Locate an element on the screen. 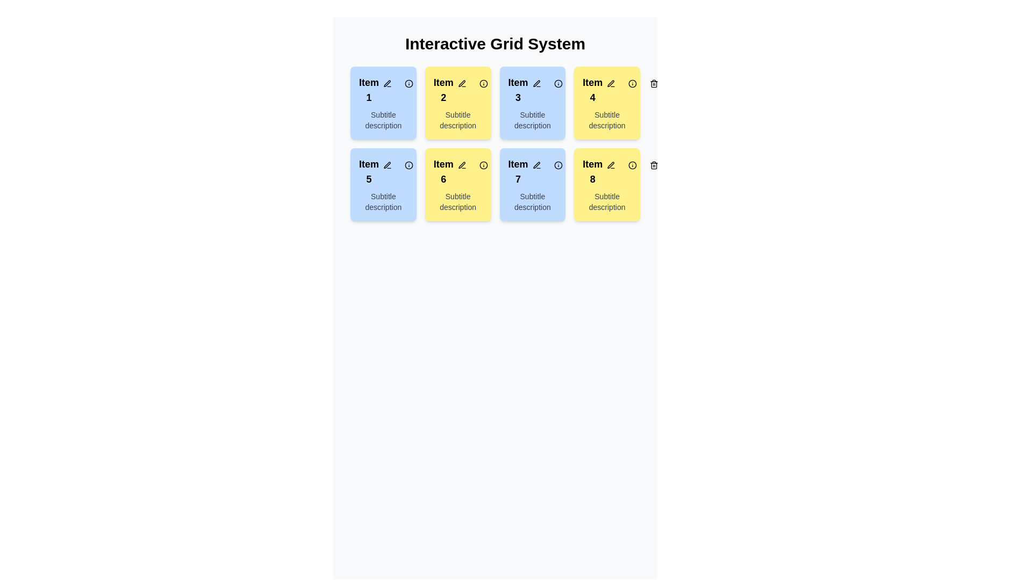  the item entry card located in the second row and second column of the grid layout with a yellow background is located at coordinates (458, 171).